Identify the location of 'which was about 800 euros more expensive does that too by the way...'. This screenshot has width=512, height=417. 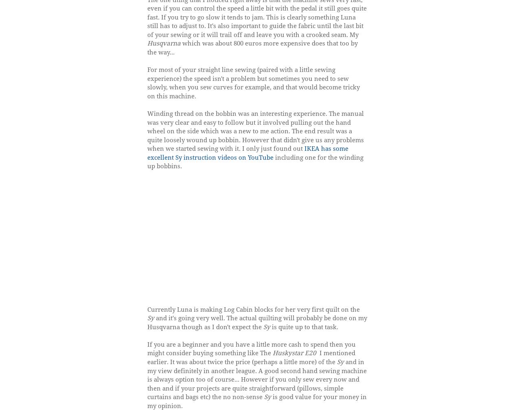
(252, 48).